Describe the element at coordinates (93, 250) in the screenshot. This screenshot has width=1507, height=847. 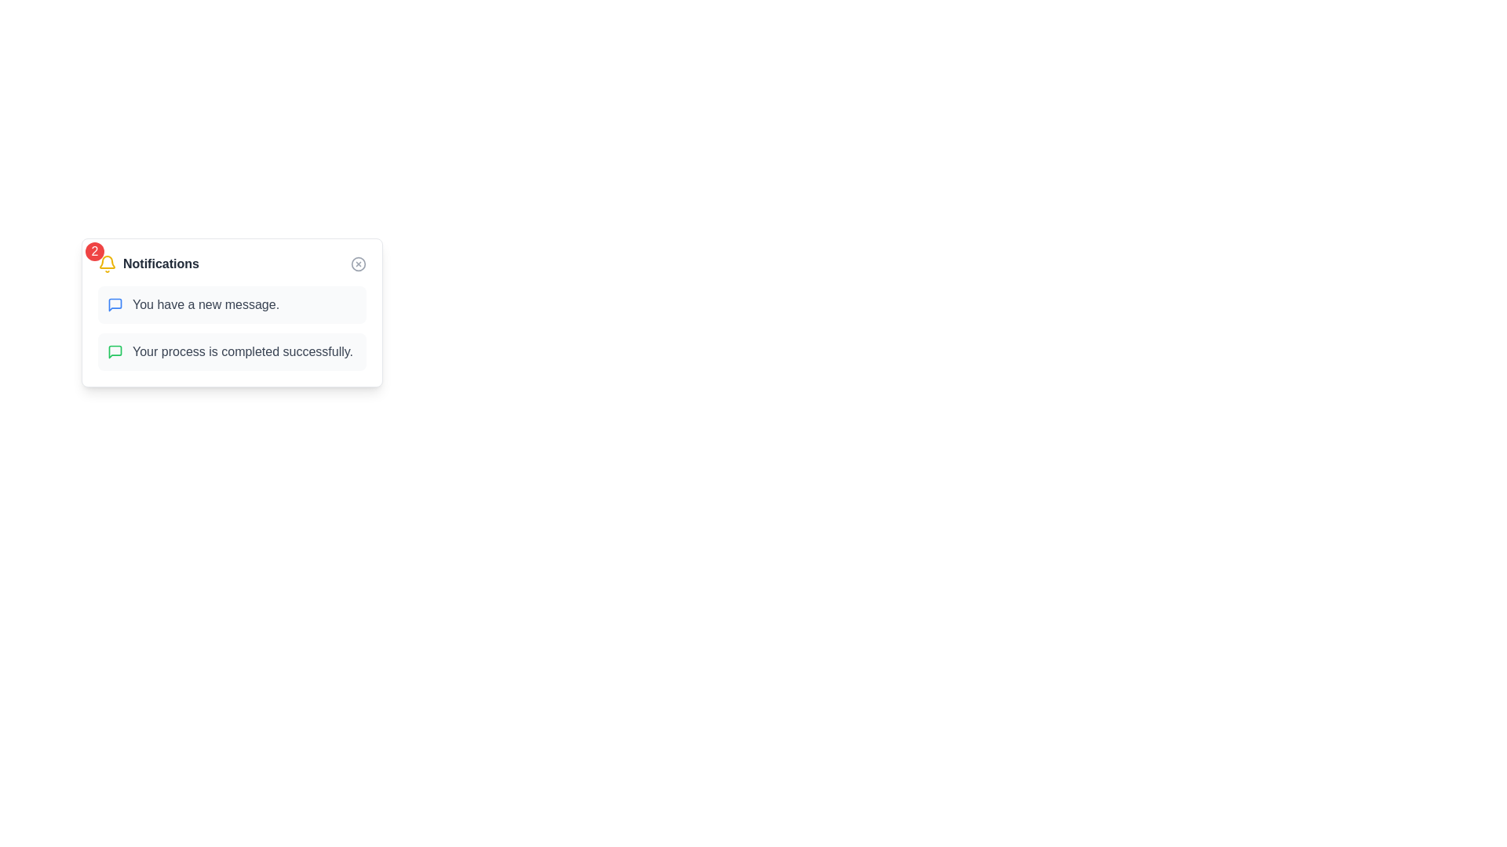
I see `the circular badge displaying the number '2' in white text on a red background, located in the top-left corner of the notification modal` at that location.